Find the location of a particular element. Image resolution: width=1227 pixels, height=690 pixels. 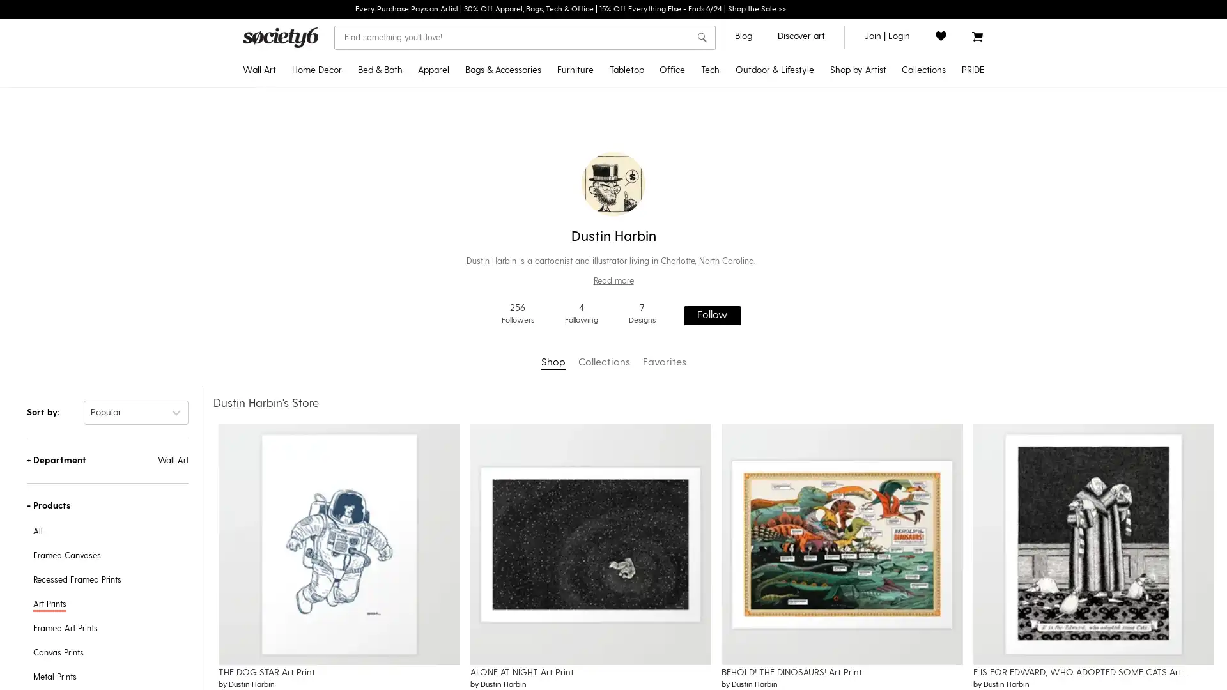

Android Card Cases is located at coordinates (755, 204).